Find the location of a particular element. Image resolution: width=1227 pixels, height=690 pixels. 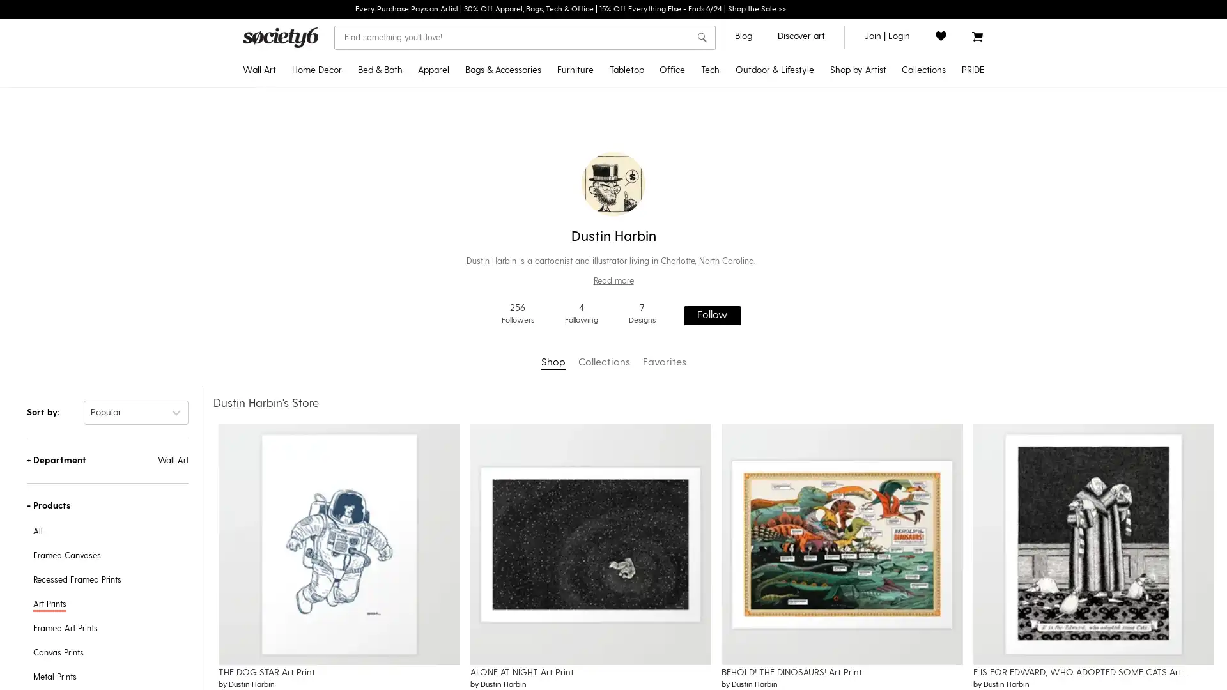

Android Card Cases is located at coordinates (755, 204).